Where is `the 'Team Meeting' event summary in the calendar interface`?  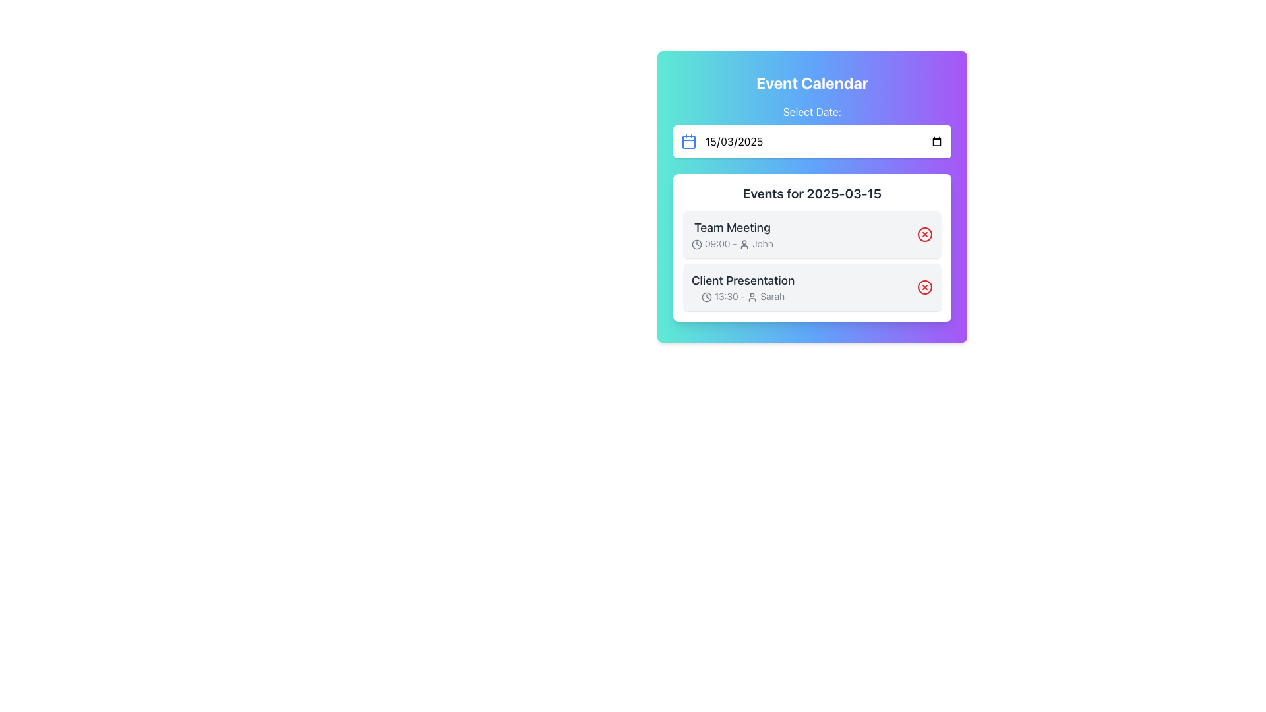
the 'Team Meeting' event summary in the calendar interface is located at coordinates (731, 233).